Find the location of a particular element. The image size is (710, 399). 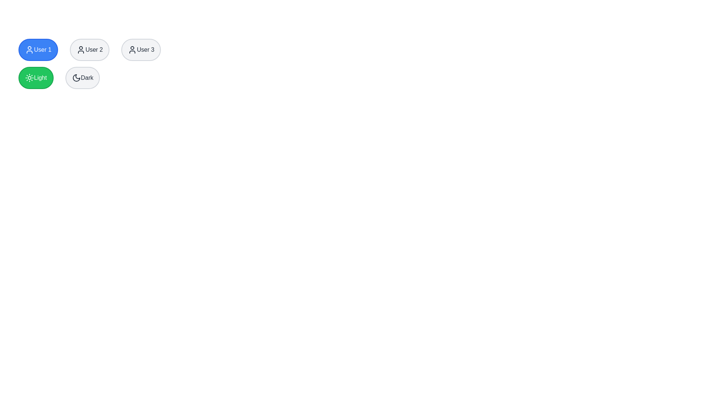

the dark mode icon located inside the 'Dark' button, which is positioned on the lower row of user interaction buttons is located at coordinates (76, 78).